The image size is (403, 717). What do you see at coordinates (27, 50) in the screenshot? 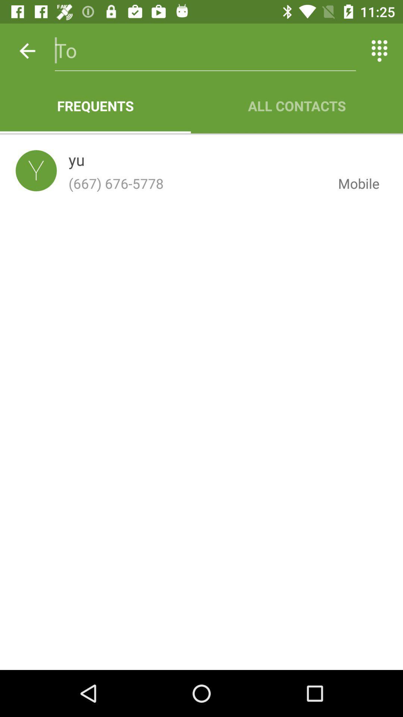
I see `the app above frequents item` at bounding box center [27, 50].